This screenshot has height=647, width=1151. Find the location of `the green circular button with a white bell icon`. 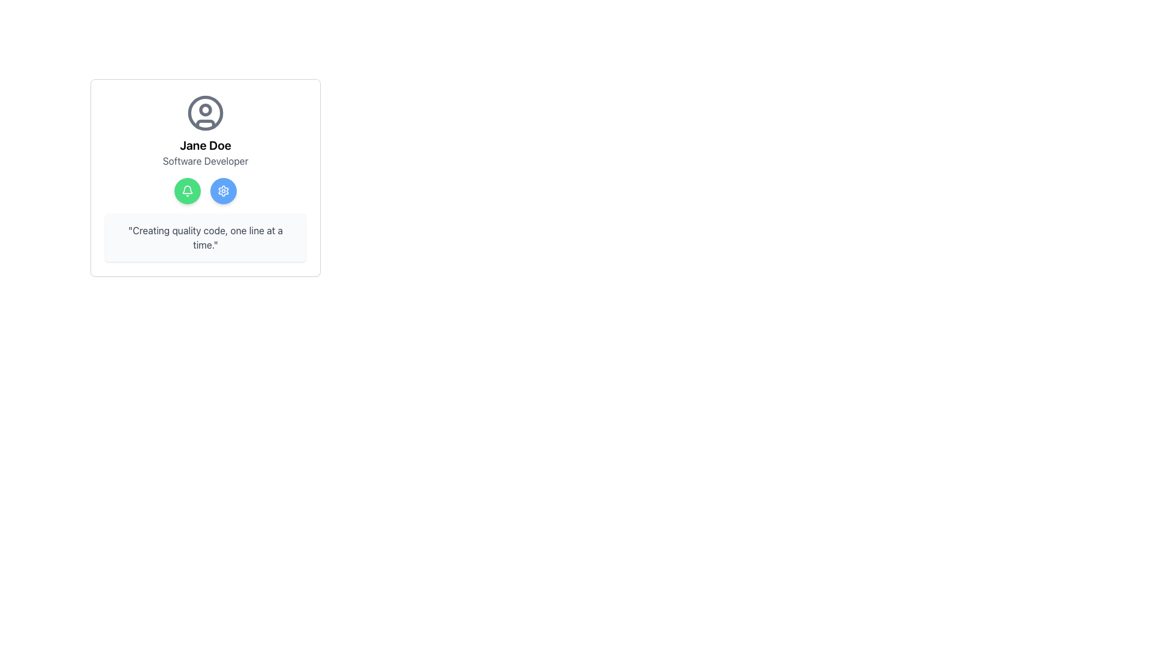

the green circular button with a white bell icon is located at coordinates (186, 191).